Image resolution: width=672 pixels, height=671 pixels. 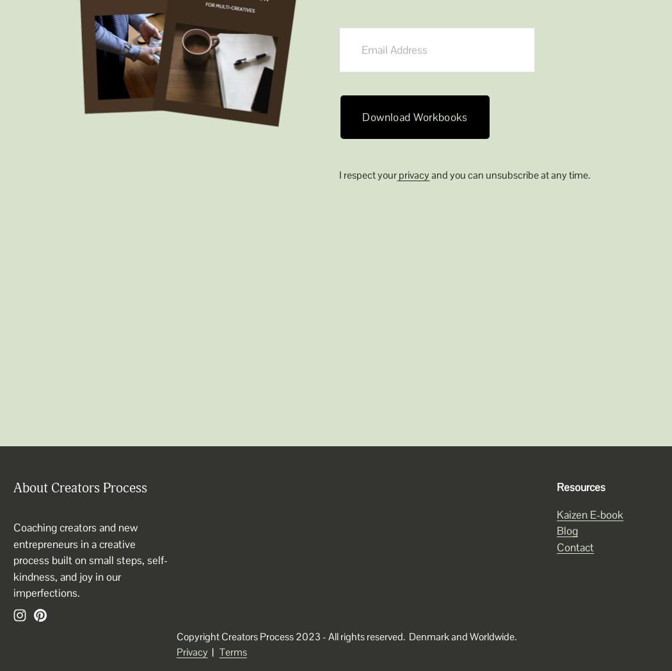 I want to click on 'Resources', so click(x=581, y=487).